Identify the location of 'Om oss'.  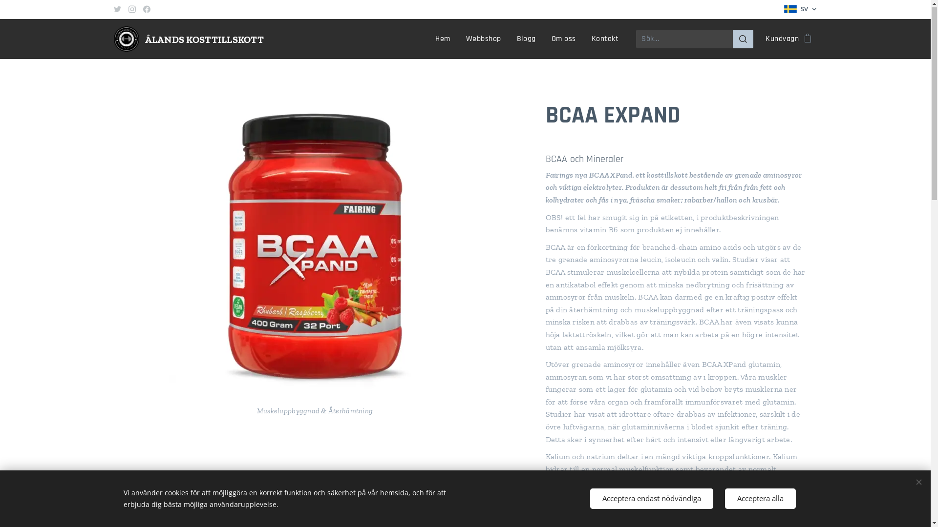
(563, 39).